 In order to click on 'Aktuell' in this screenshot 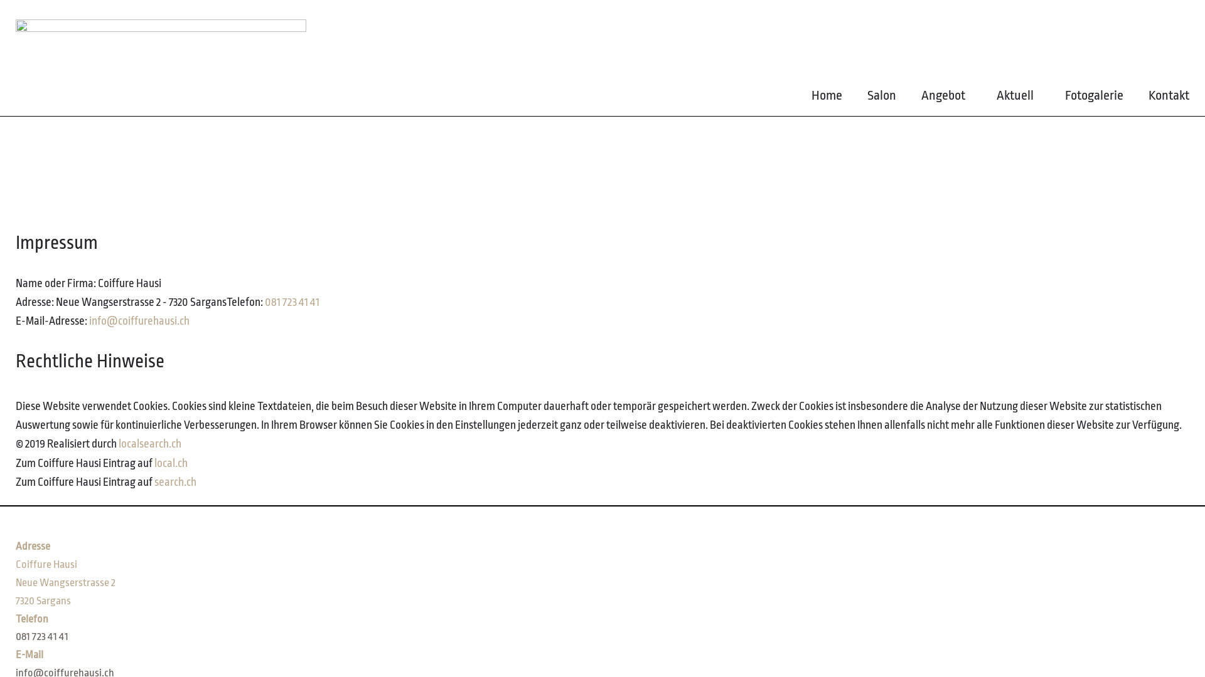, I will do `click(996, 98)`.